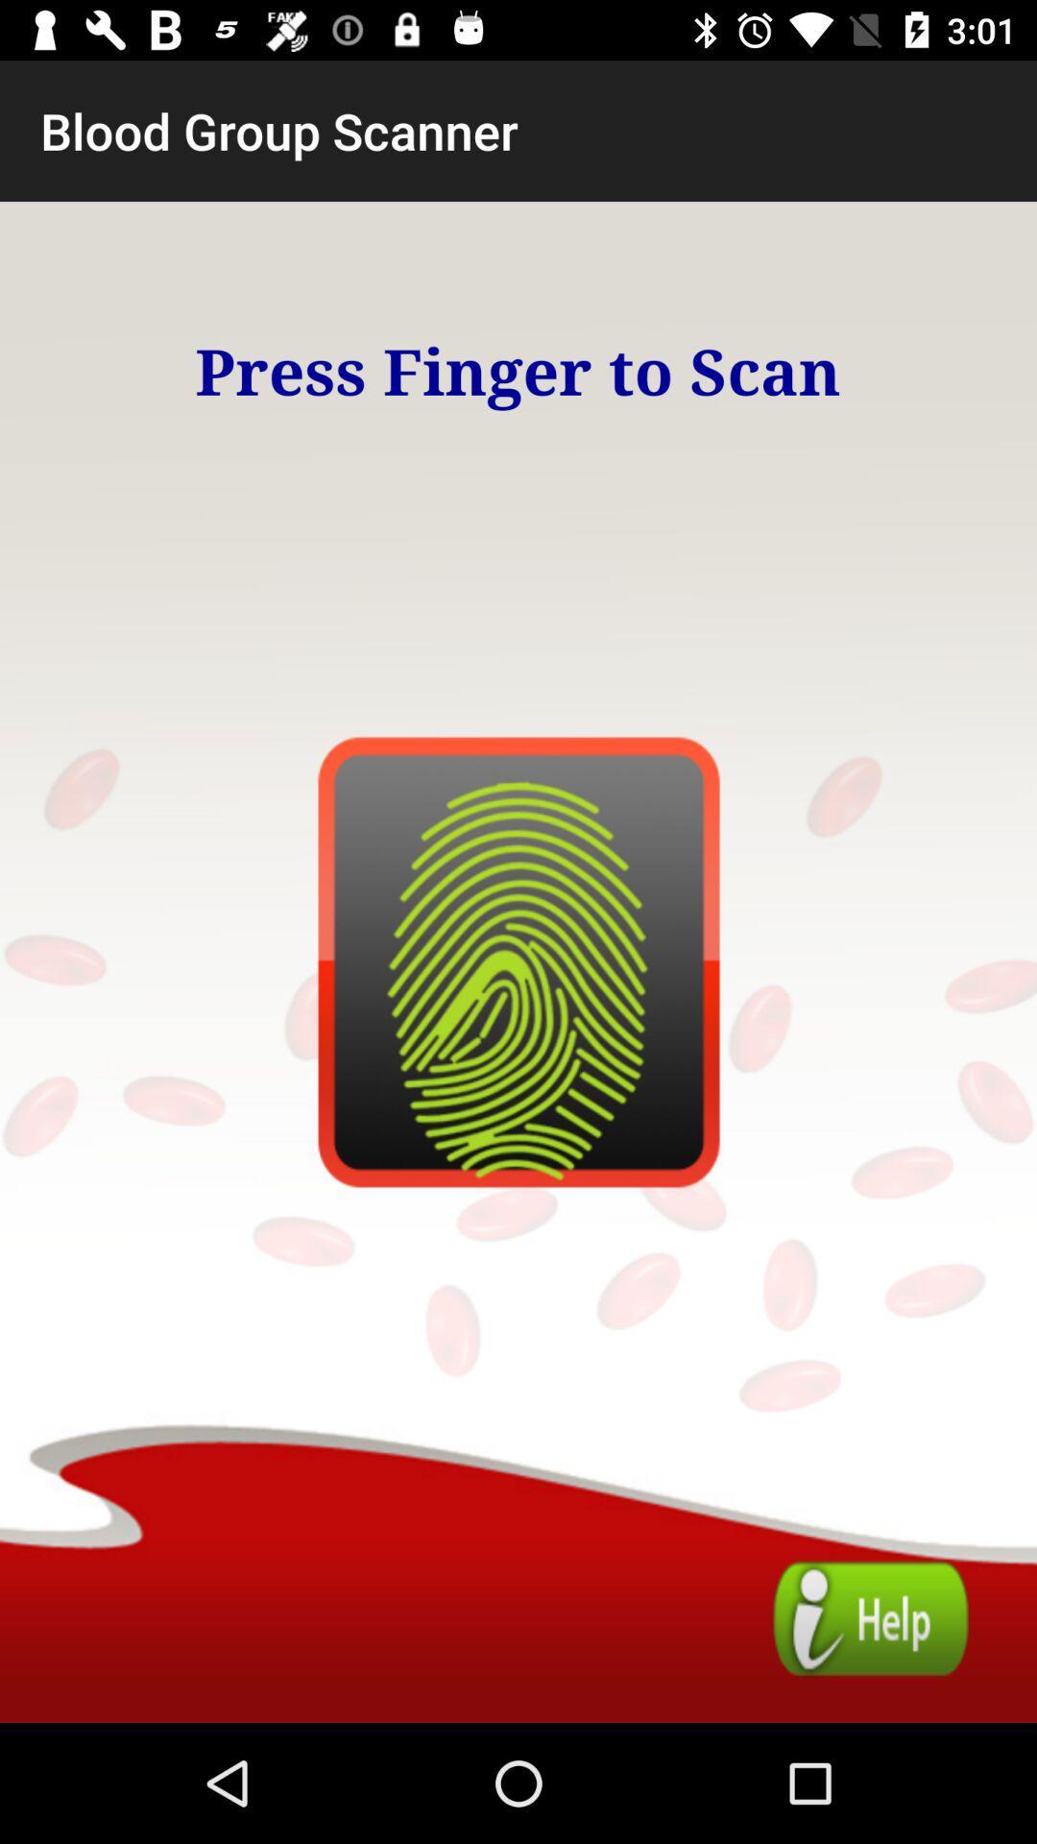 The height and width of the screenshot is (1844, 1037). Describe the element at coordinates (871, 1617) in the screenshot. I see `guide` at that location.